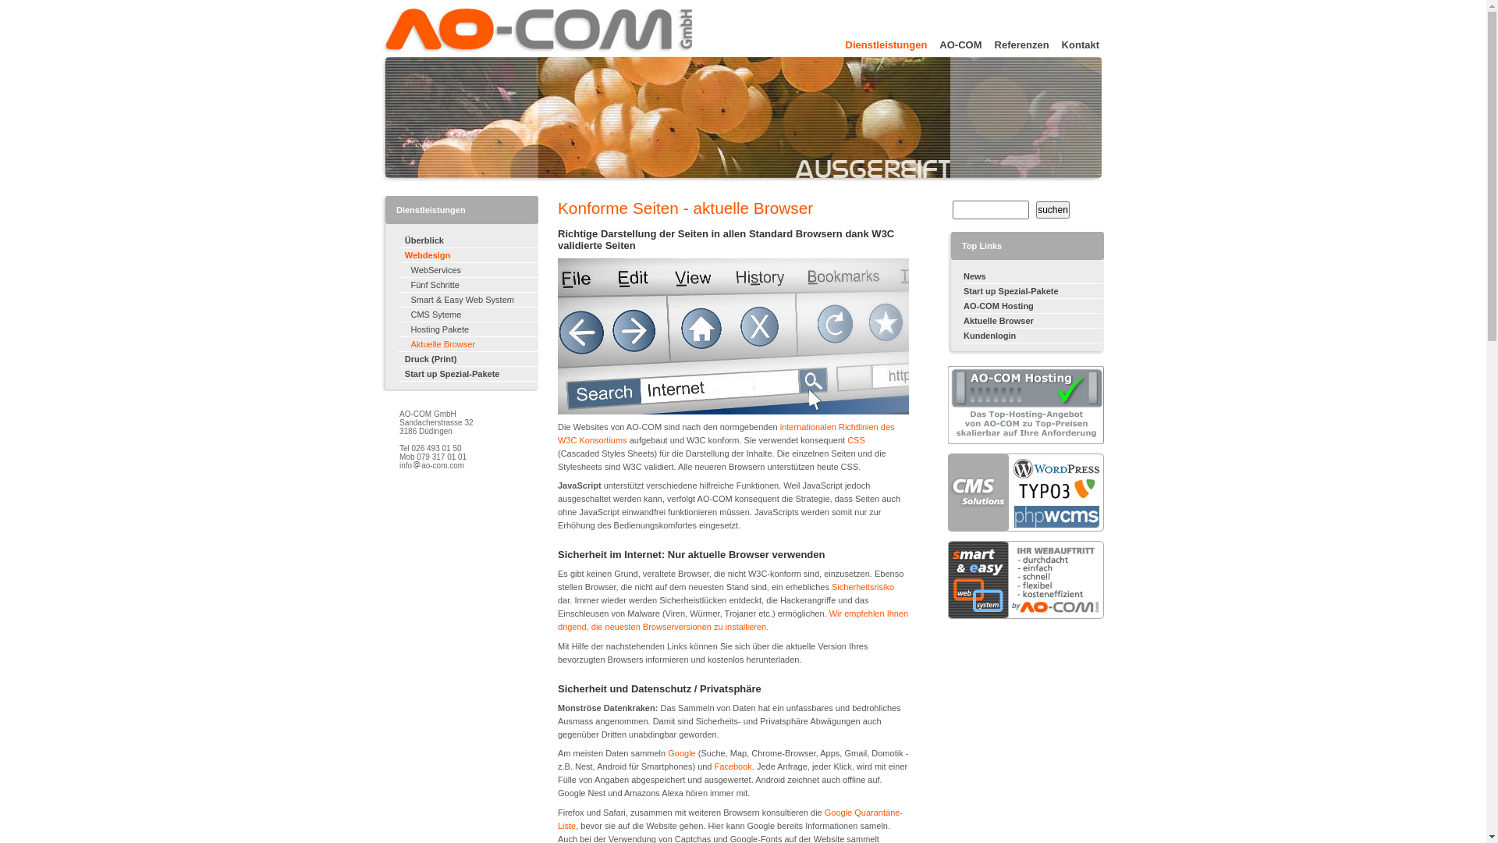  Describe the element at coordinates (1074, 42) in the screenshot. I see `'Kontakt'` at that location.